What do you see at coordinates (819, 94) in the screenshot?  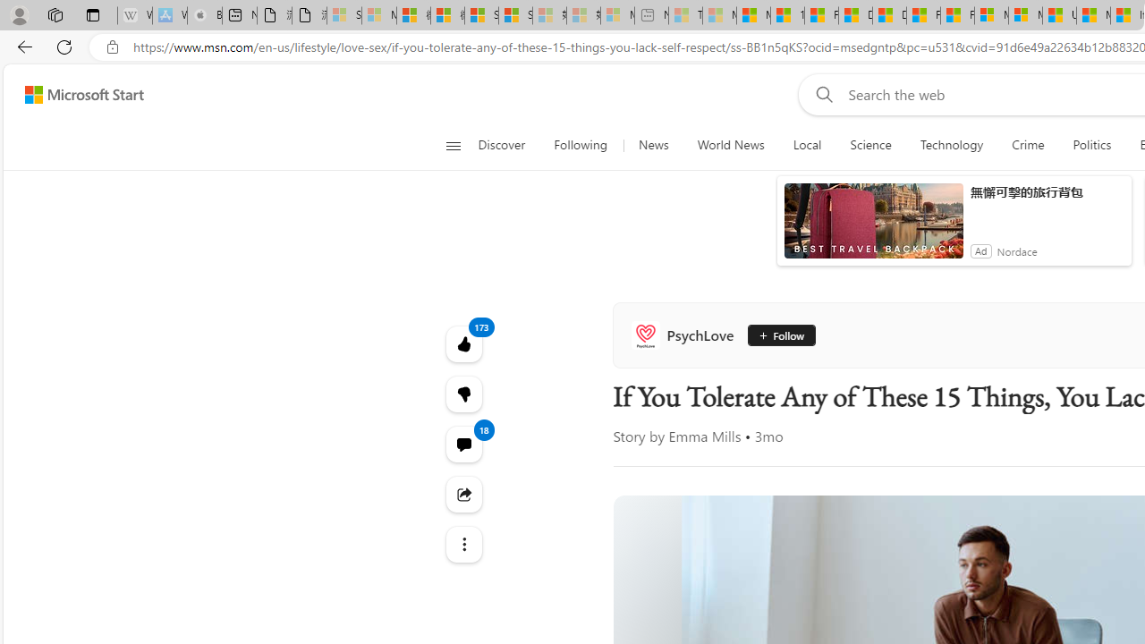 I see `'Web search'` at bounding box center [819, 94].